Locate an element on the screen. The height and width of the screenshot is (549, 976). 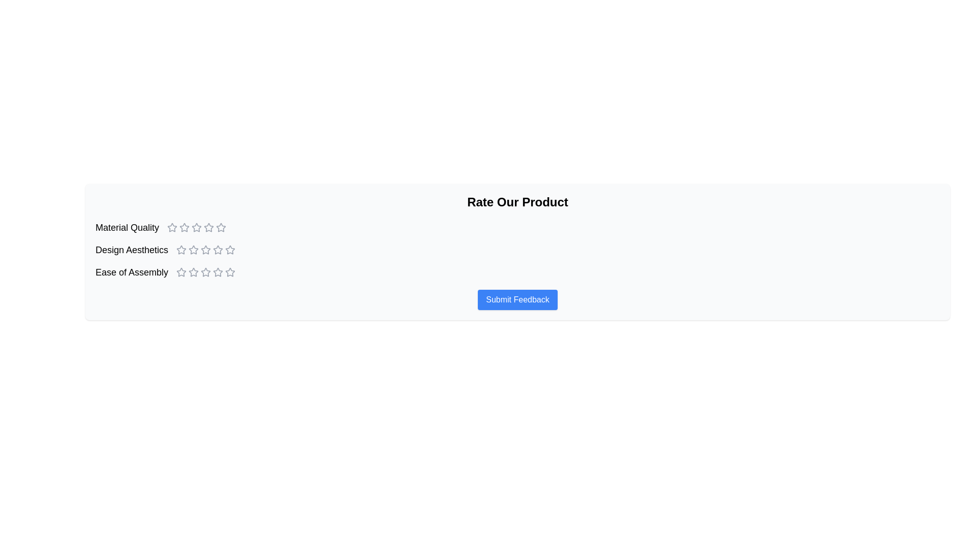
the text label displaying 'Ease of Assembly', which is positioned below 'Material Quality' and 'Design Aesthetics' in the feedback form is located at coordinates (131, 272).